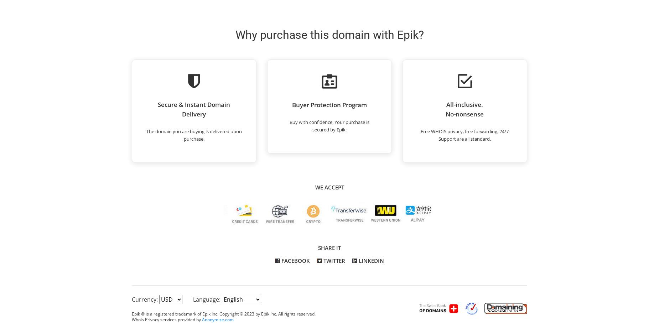  I want to click on 'Share it', so click(329, 248).